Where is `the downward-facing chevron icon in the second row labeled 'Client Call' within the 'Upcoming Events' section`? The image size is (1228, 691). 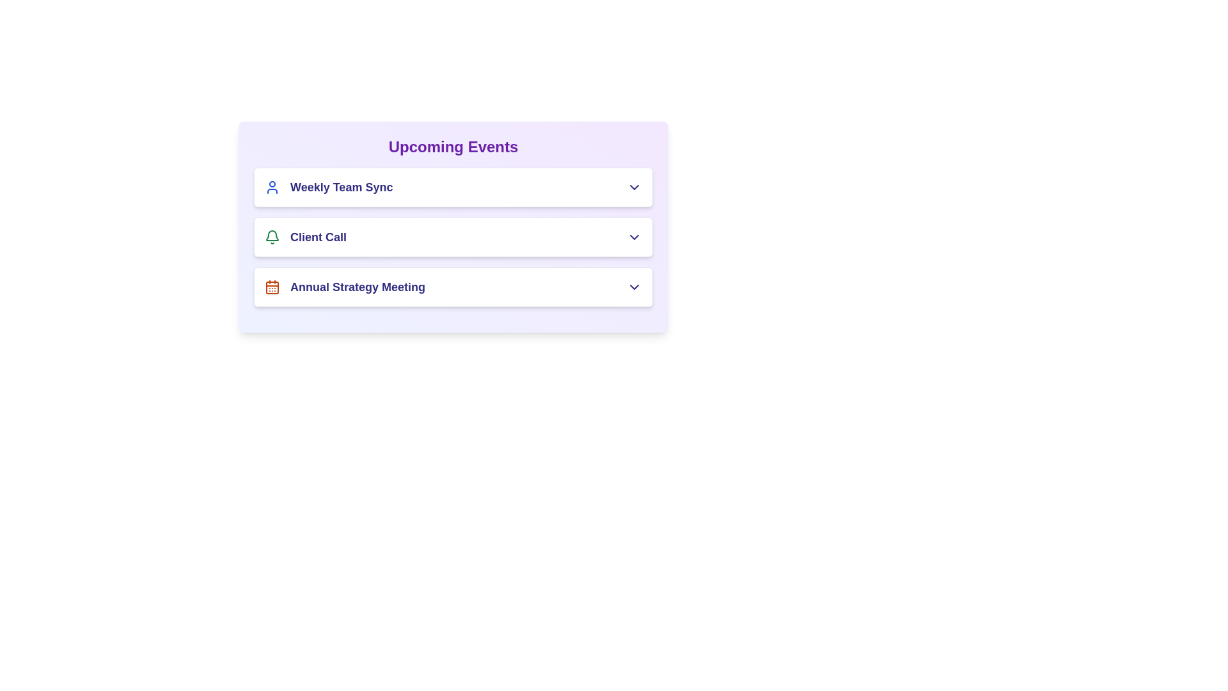
the downward-facing chevron icon in the second row labeled 'Client Call' within the 'Upcoming Events' section is located at coordinates (634, 237).